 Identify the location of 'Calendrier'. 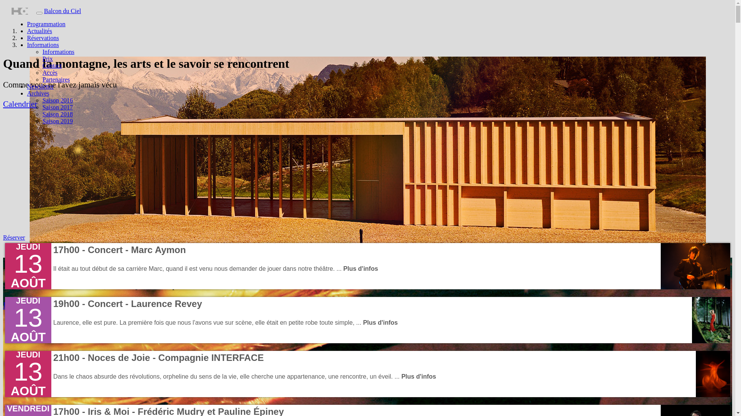
(20, 104).